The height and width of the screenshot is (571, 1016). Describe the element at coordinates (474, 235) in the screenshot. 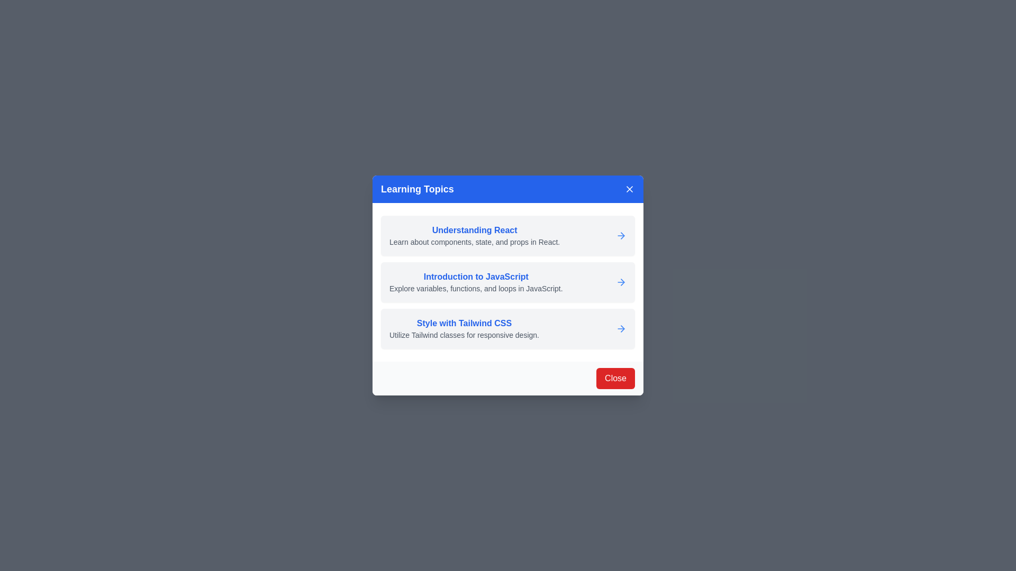

I see `the first item in the vertical list of learning topics in the modal titled 'Learning Topics'` at that location.